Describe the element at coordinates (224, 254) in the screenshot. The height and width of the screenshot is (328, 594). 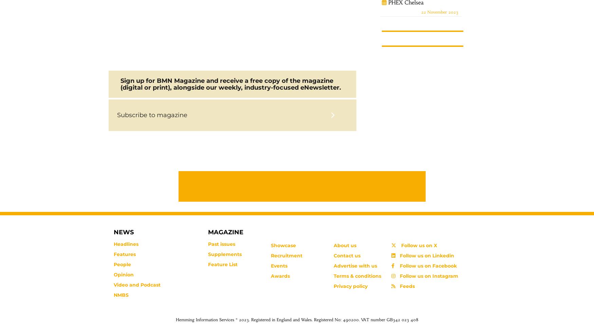
I see `'Supplements'` at that location.